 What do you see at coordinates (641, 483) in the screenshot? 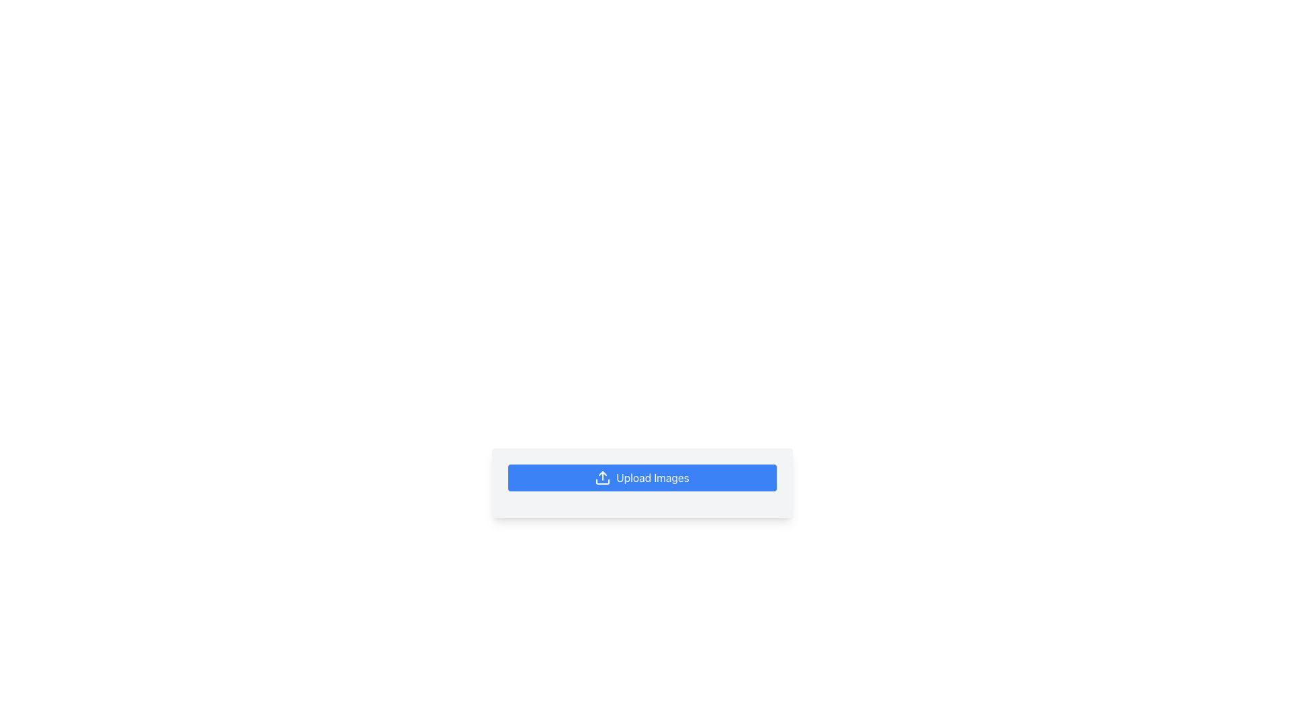
I see `the blue rectangular button labeled 'Upload Images' with an upload icon` at bounding box center [641, 483].